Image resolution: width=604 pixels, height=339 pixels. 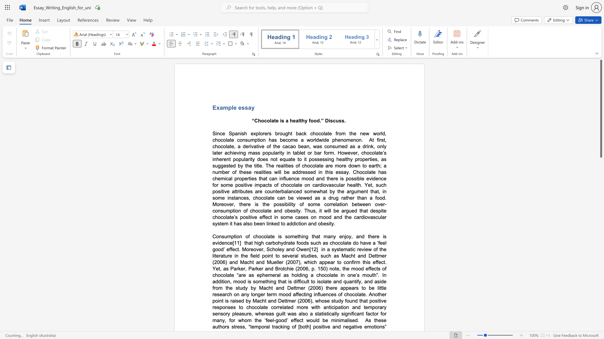 I want to click on the scrollbar on the right side to scroll the page down, so click(x=601, y=266).